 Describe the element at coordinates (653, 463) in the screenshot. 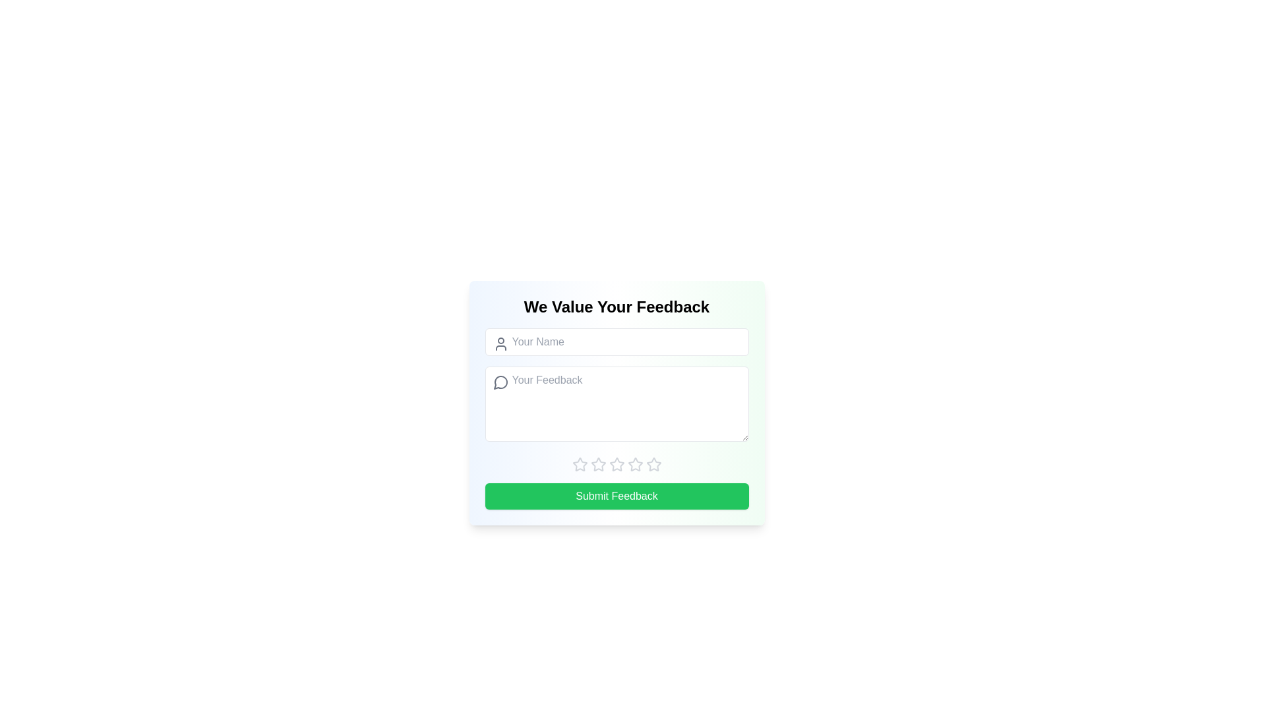

I see `the fourth star icon` at that location.